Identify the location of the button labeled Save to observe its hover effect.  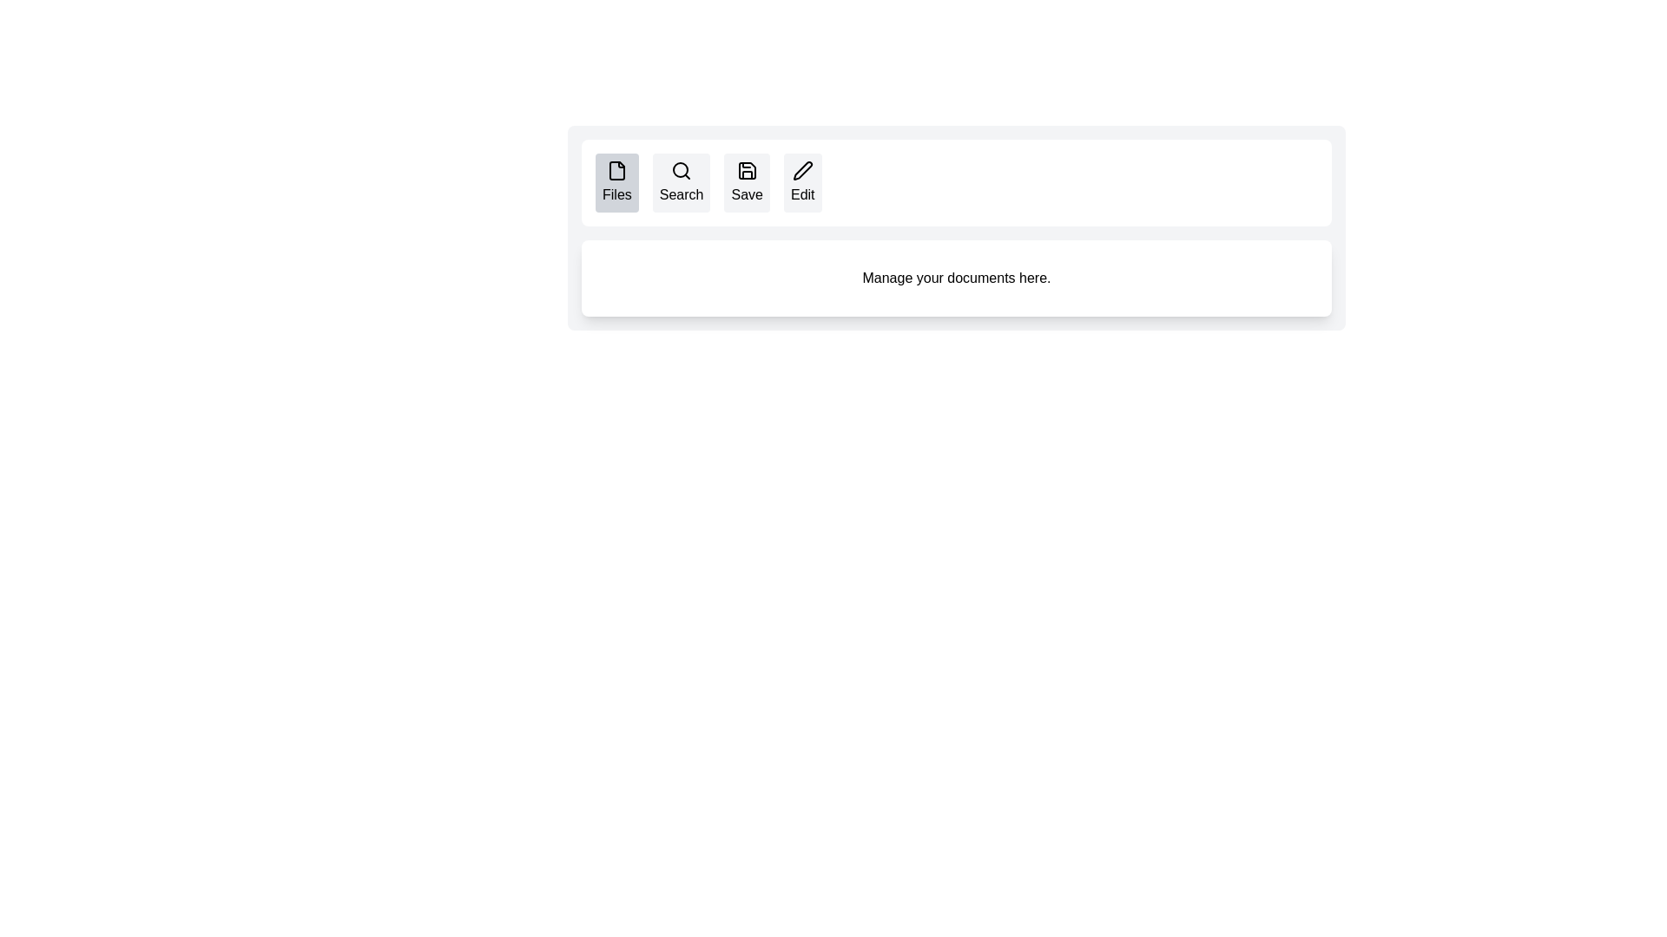
(746, 183).